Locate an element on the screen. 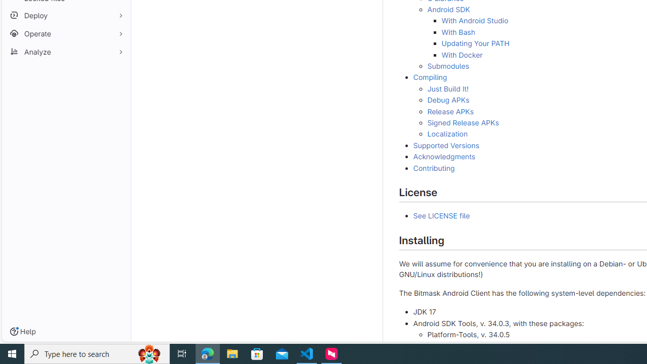 Image resolution: width=647 pixels, height=364 pixels. 'Android SDK' is located at coordinates (448, 10).